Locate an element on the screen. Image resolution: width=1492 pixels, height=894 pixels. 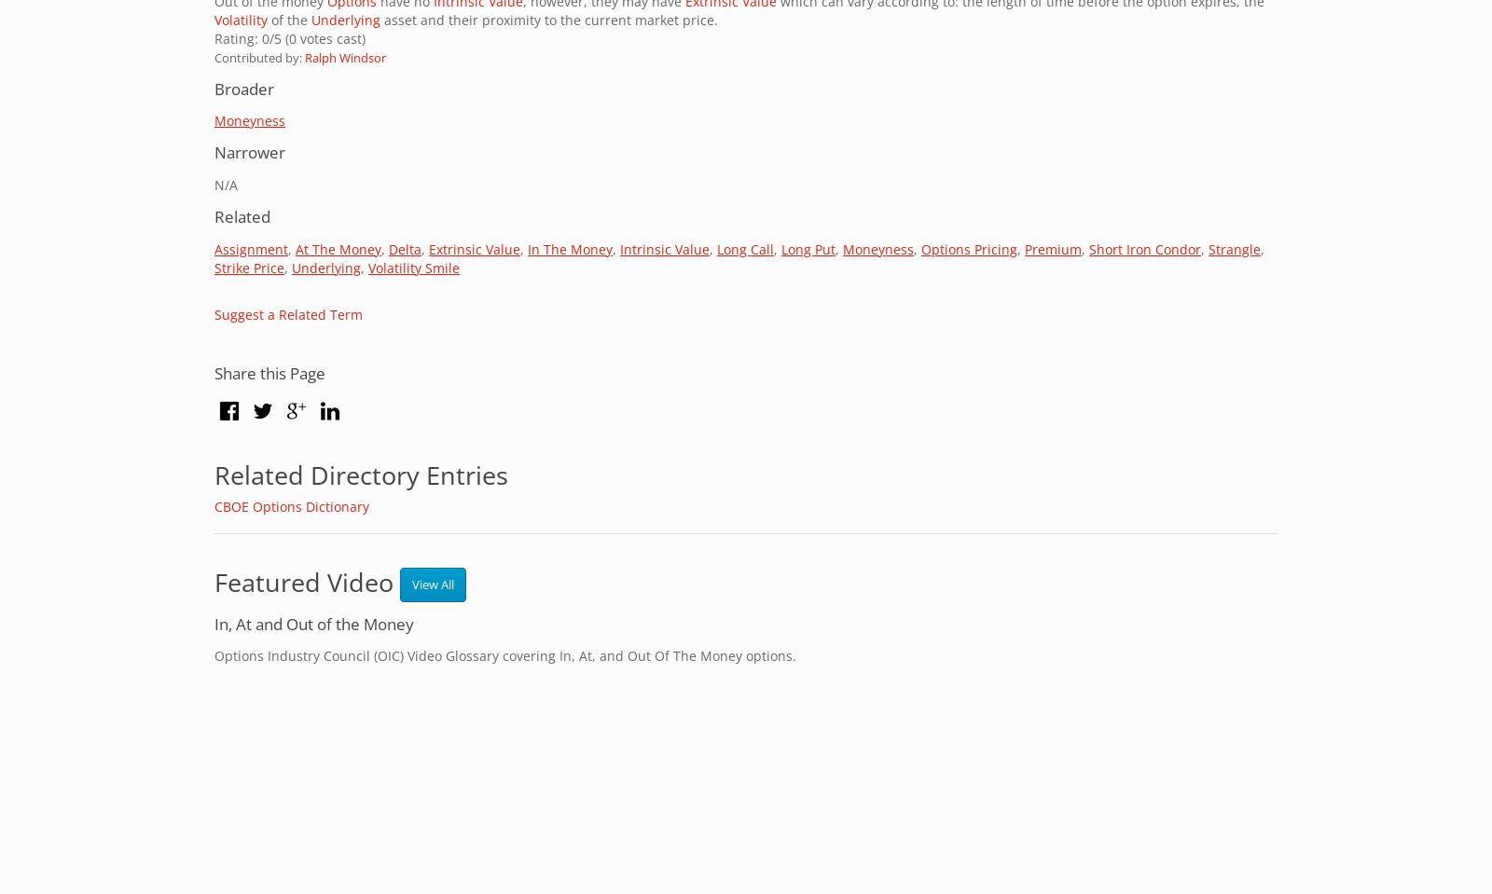
'Long Put' is located at coordinates (808, 248).